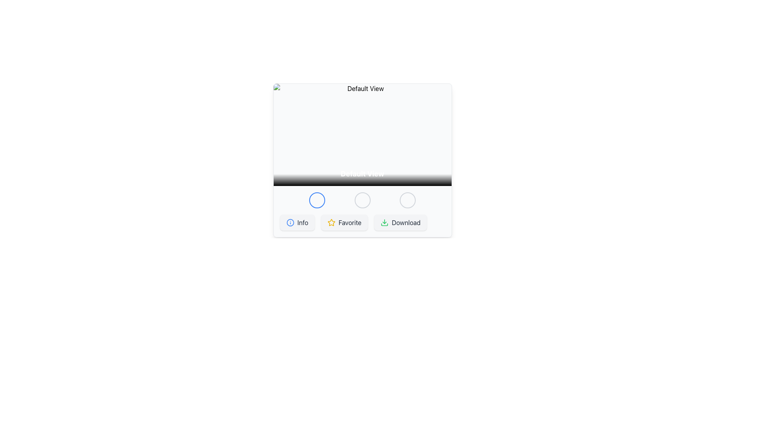 This screenshot has width=766, height=431. Describe the element at coordinates (331, 222) in the screenshot. I see `the star icon located to the left of the 'Favorite' button to mark it as favorite` at that location.